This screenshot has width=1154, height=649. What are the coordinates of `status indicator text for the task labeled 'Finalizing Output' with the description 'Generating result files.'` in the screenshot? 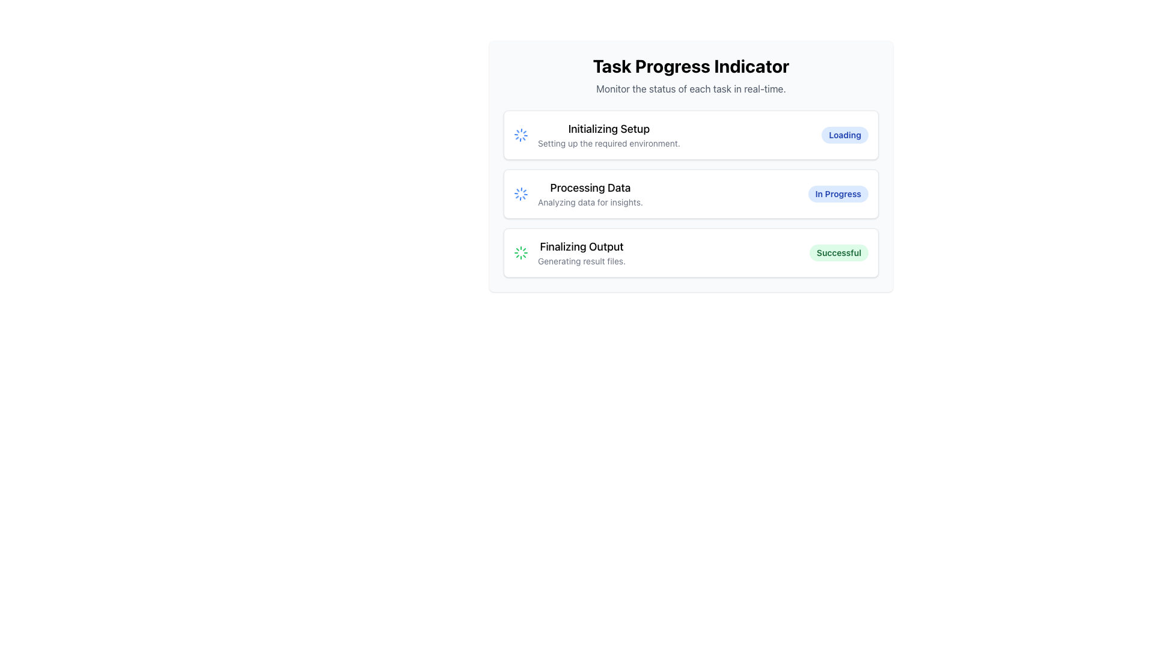 It's located at (569, 252).